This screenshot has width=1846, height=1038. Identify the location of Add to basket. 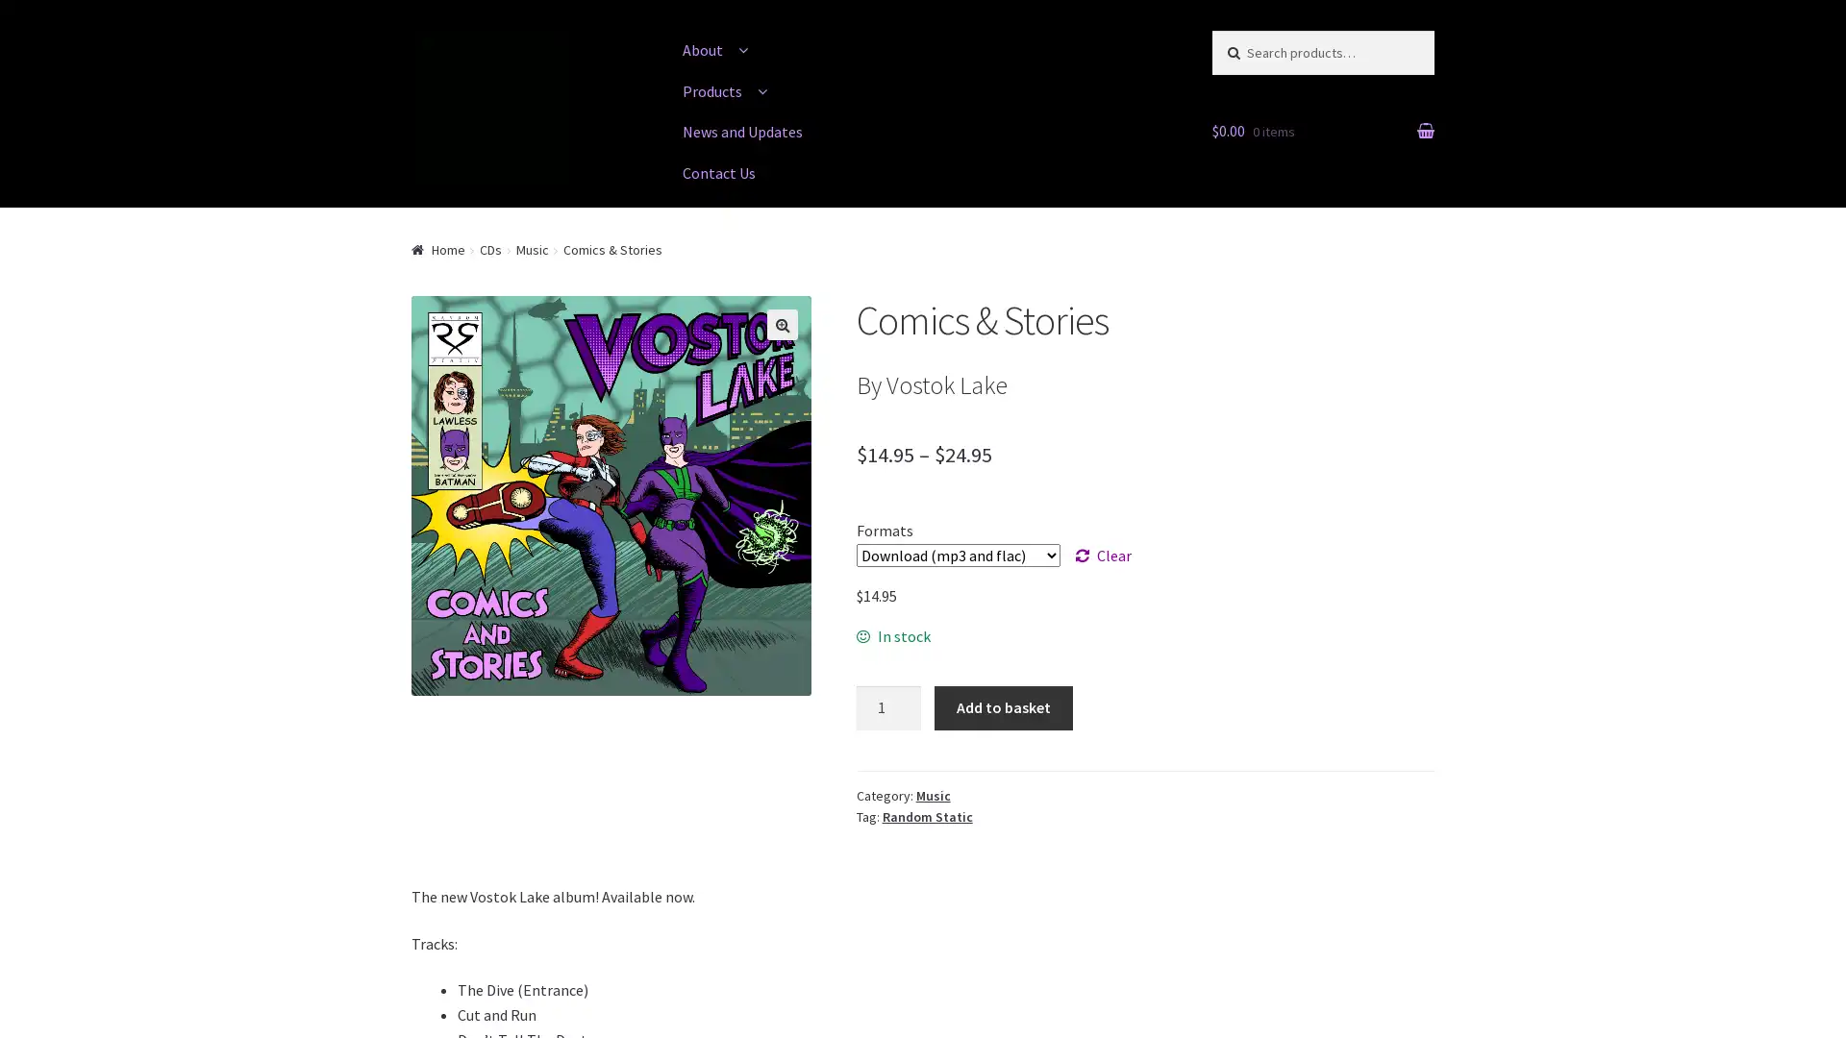
(1002, 707).